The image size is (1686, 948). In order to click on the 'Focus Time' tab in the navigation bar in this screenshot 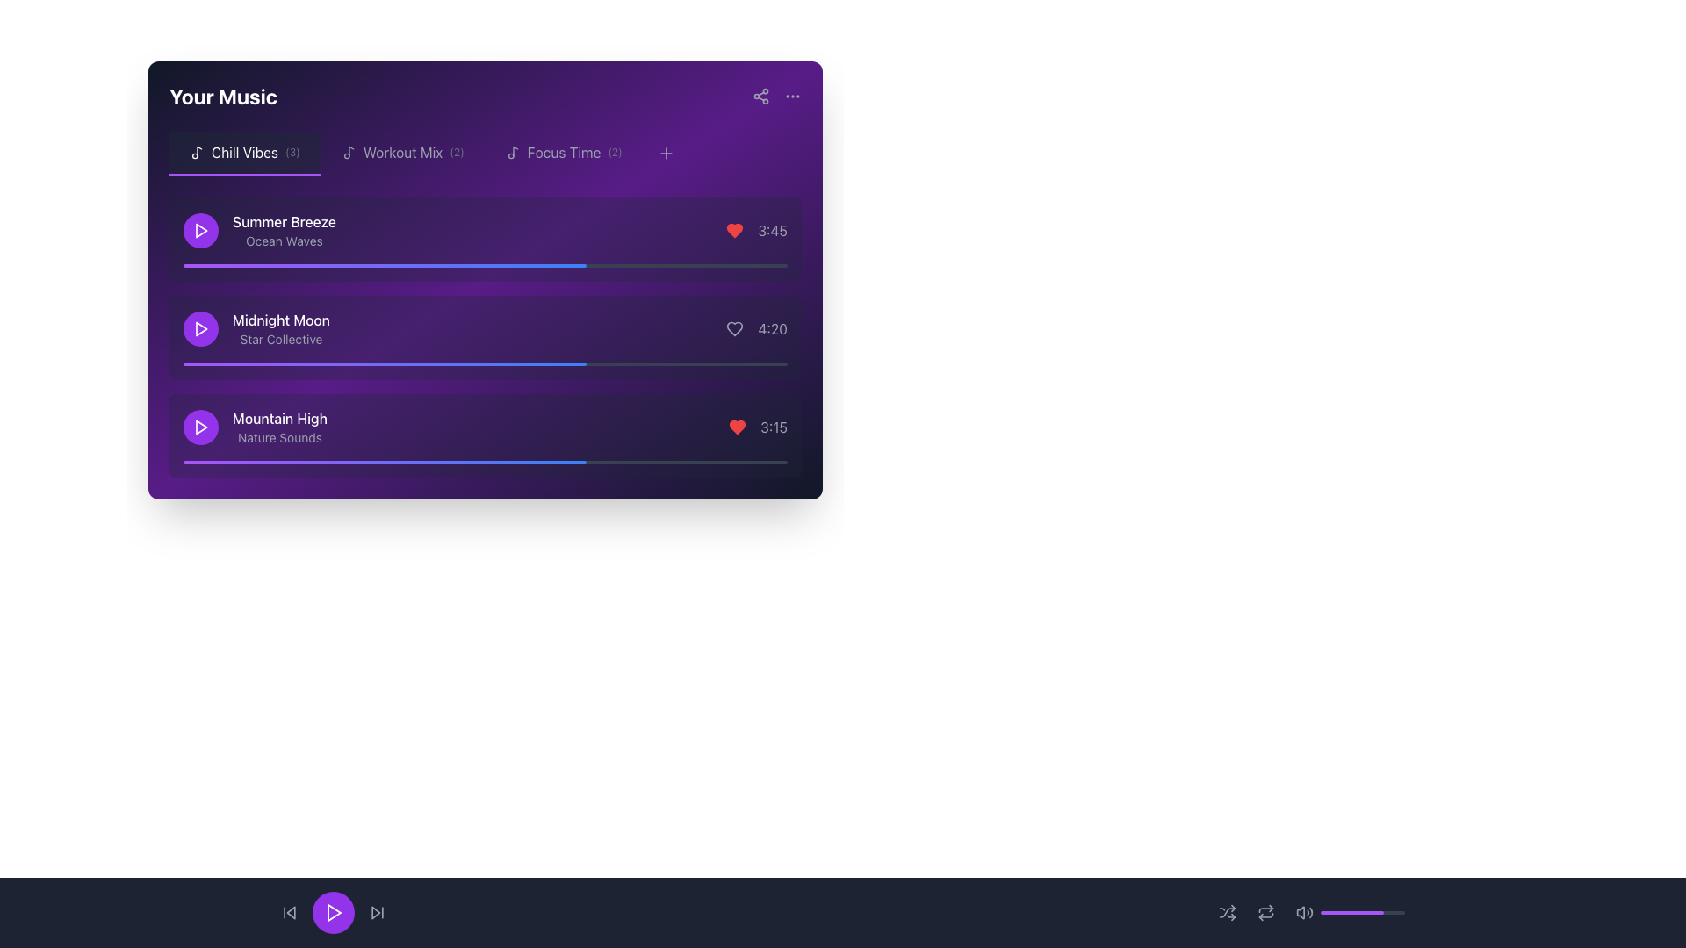, I will do `click(564, 152)`.